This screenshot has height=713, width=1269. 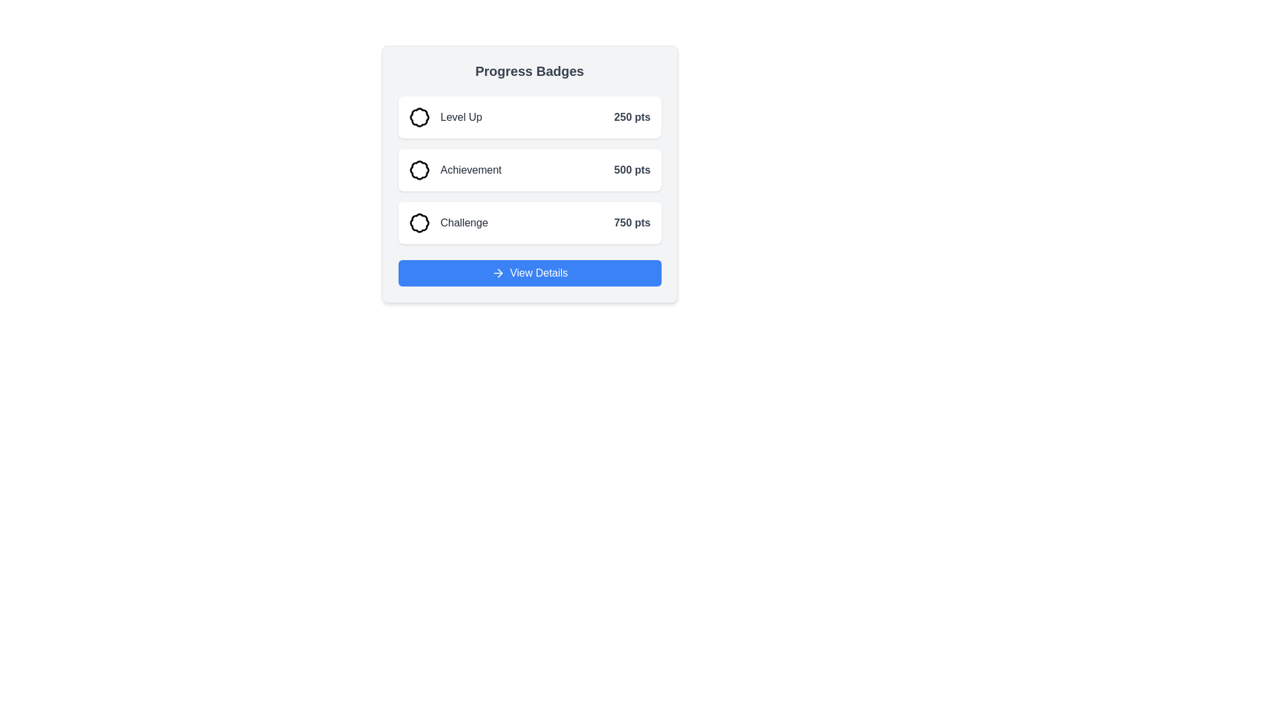 What do you see at coordinates (418, 116) in the screenshot?
I see `the circular badge icon with a scalloped edge in light blue color located at the top-left corner of the 'Level Up' row in the 'Progress Badges' section` at bounding box center [418, 116].